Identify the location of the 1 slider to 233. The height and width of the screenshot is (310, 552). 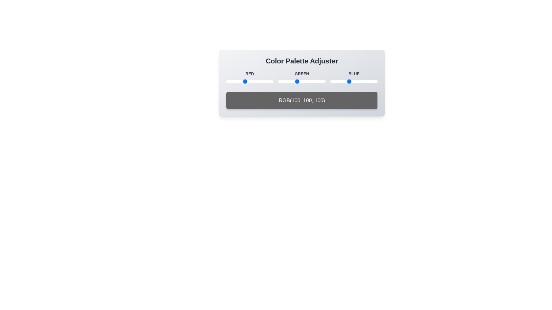
(269, 82).